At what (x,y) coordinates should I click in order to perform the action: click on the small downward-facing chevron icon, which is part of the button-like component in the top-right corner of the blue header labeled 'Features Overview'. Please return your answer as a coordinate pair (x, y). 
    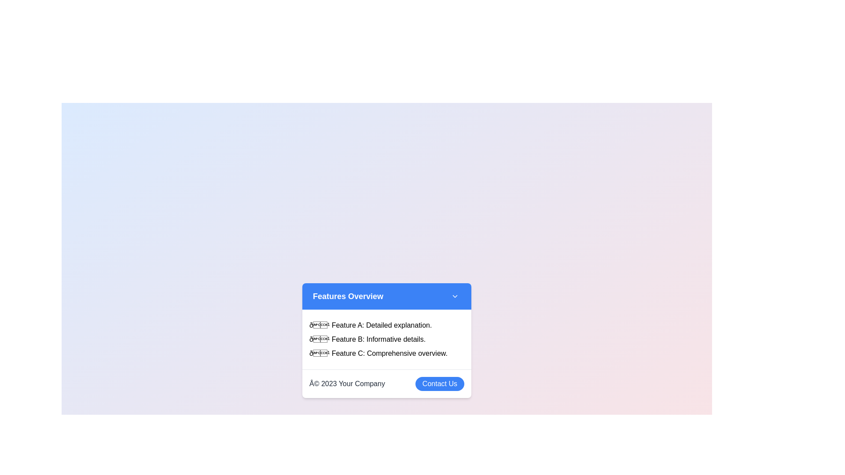
    Looking at the image, I should click on (455, 296).